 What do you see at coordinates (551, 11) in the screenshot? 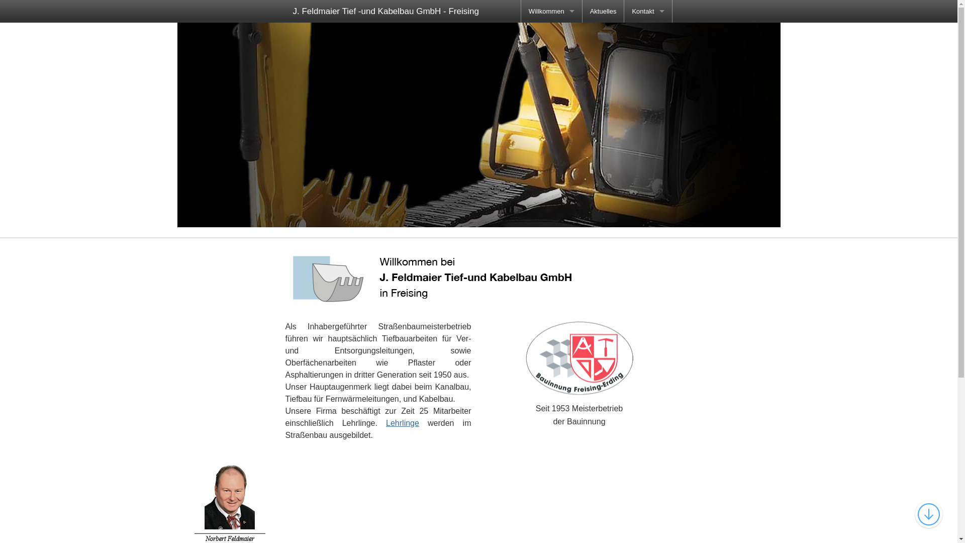
I see `'Willkommen'` at bounding box center [551, 11].